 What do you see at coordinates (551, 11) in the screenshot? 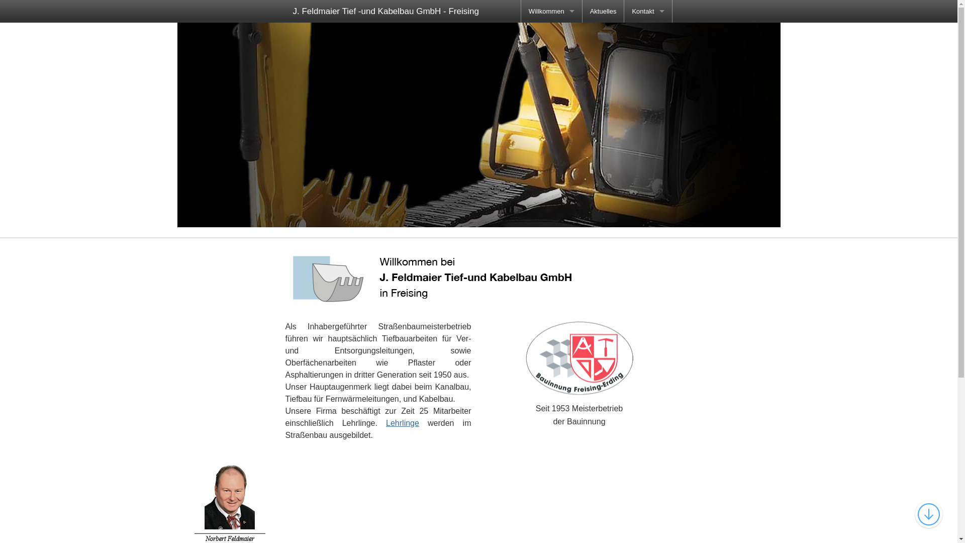
I see `'Willkommen'` at bounding box center [551, 11].